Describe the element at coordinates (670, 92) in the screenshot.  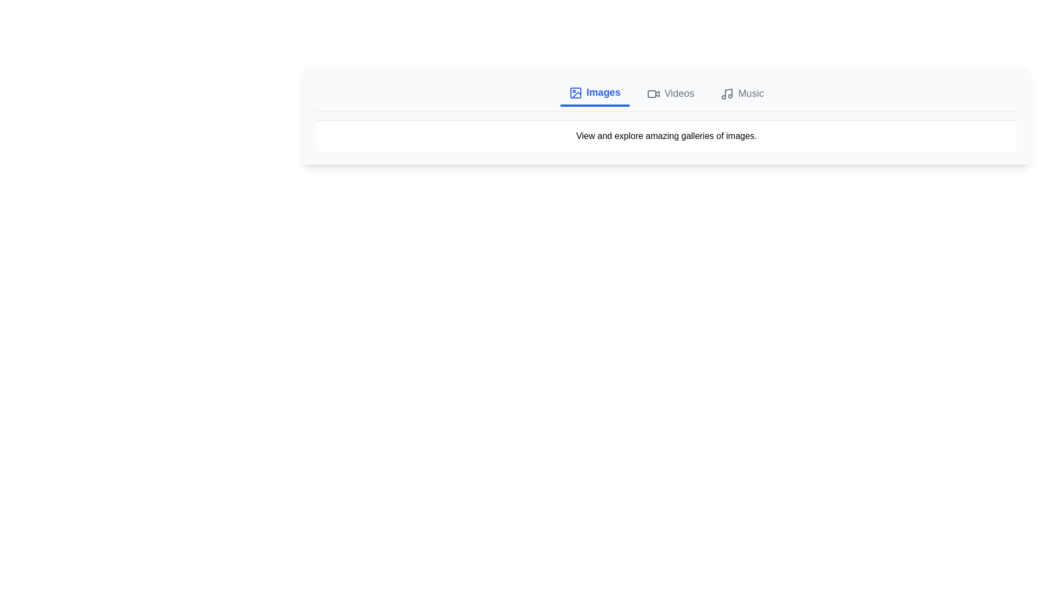
I see `the Videos tab` at that location.